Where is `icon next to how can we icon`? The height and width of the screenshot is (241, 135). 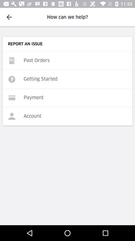
icon next to how can we icon is located at coordinates (9, 17).